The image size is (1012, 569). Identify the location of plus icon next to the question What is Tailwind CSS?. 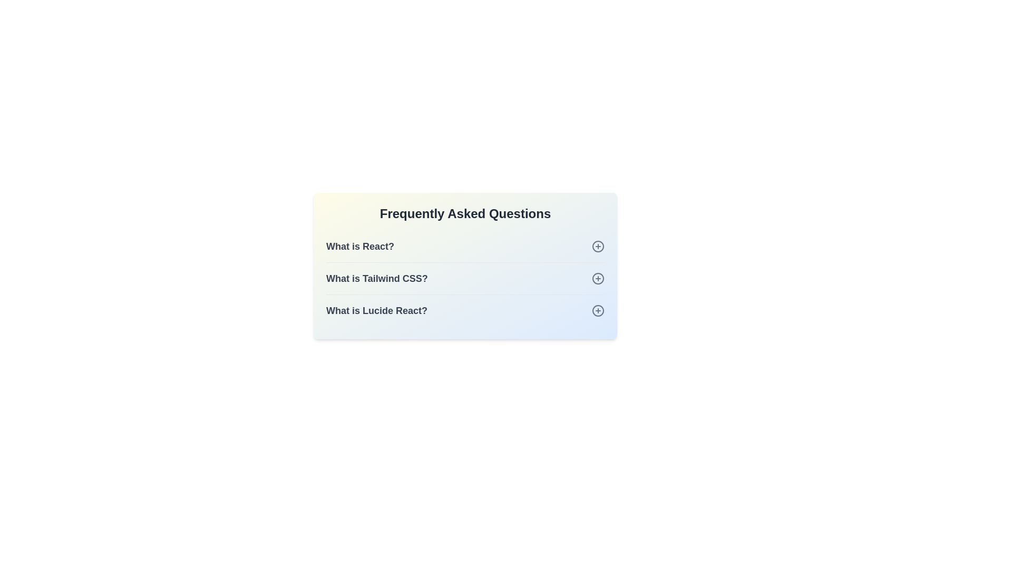
(598, 278).